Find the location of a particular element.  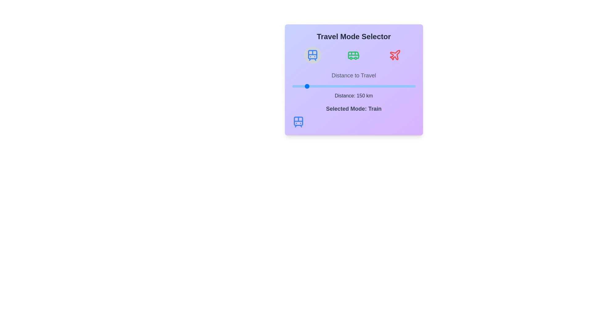

the travel mode Bus is located at coordinates (354, 55).